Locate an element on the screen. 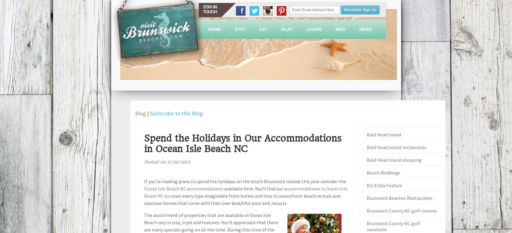 The height and width of the screenshot is (233, 512). 'Brunswick Beaches Restaurants' is located at coordinates (399, 197).